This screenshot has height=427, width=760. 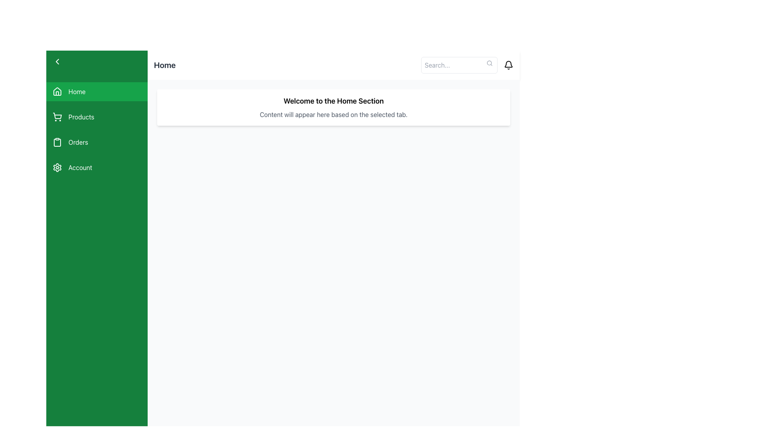 I want to click on the bell icon located at the top-right corner of the interface, so click(x=509, y=65).